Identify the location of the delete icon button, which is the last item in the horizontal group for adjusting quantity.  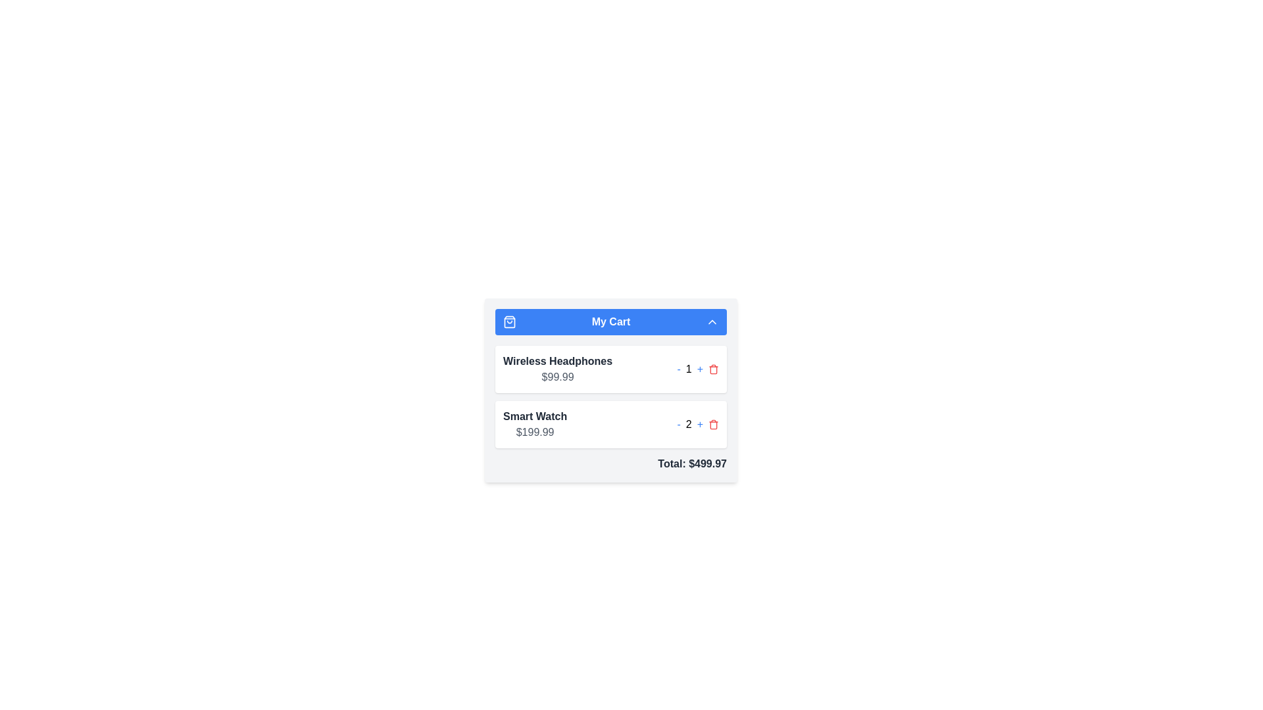
(712, 424).